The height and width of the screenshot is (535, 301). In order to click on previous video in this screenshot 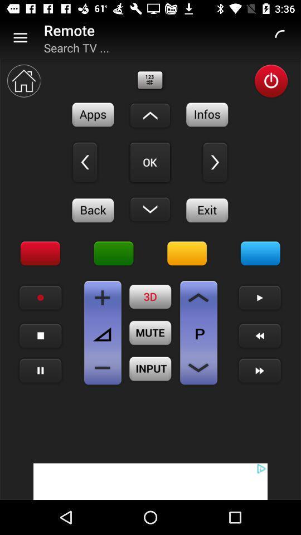, I will do `click(260, 335)`.